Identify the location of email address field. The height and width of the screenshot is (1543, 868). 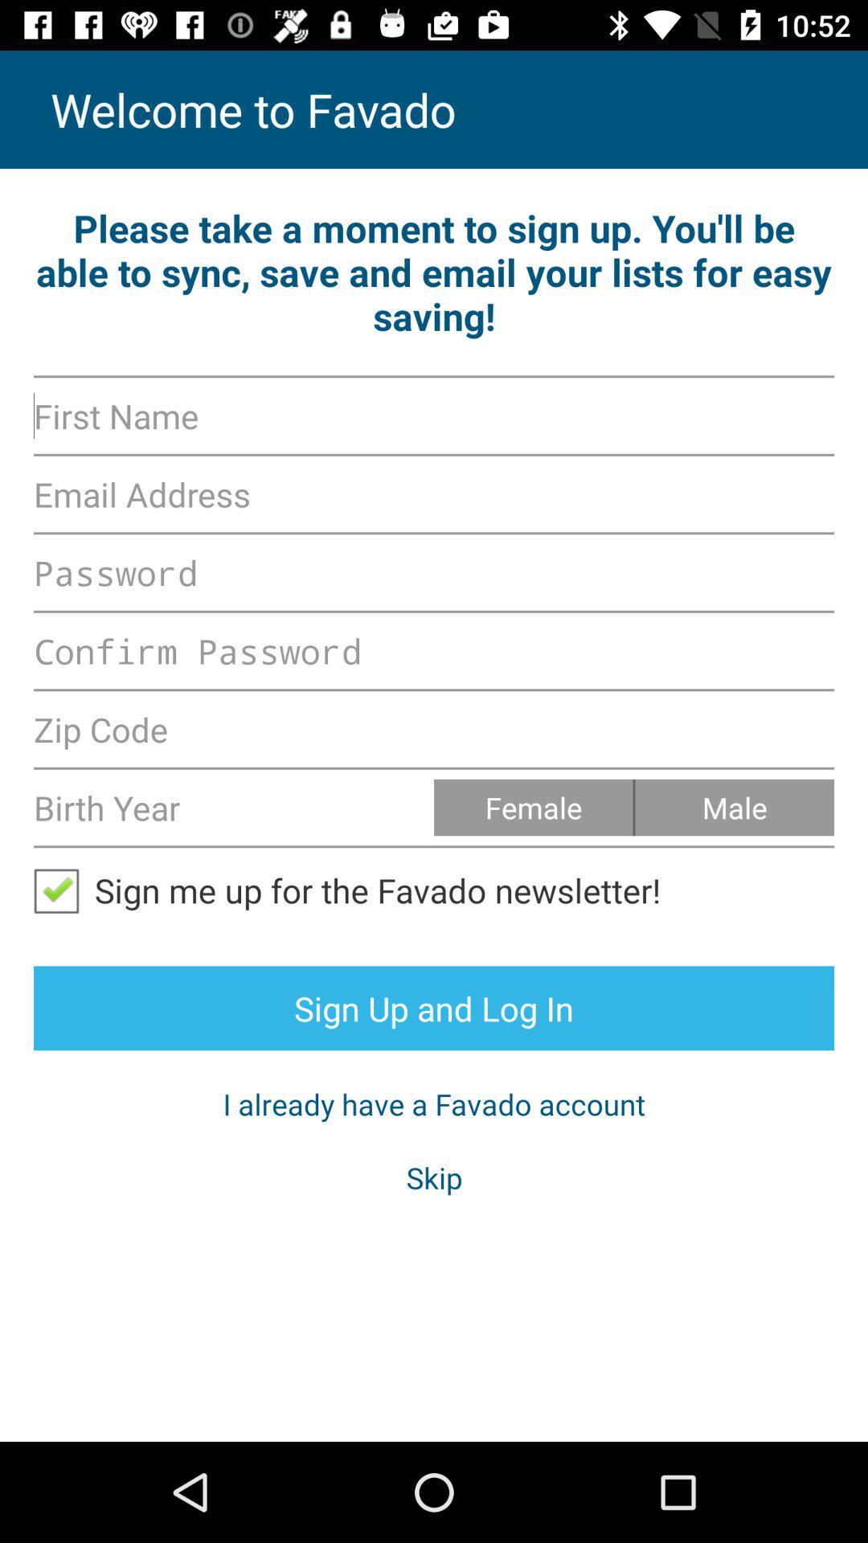
(434, 493).